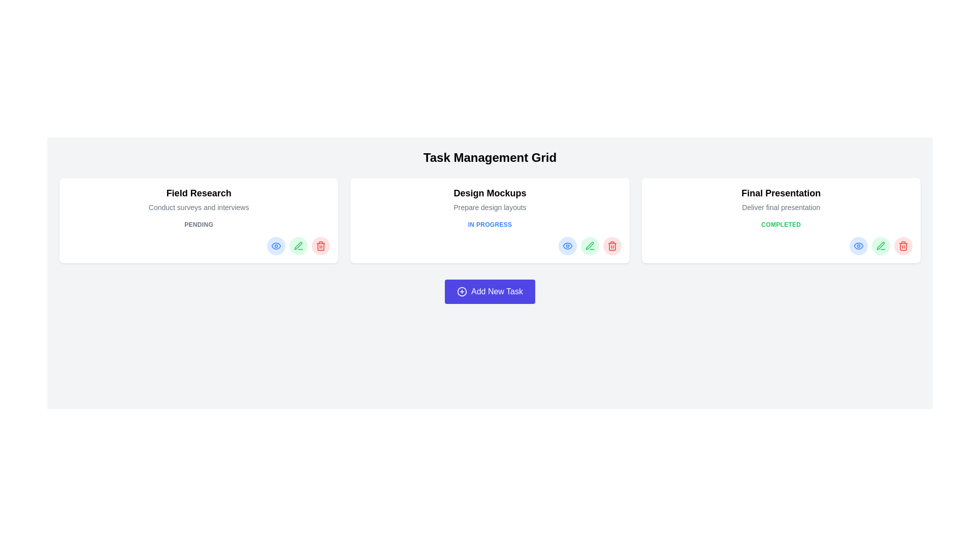 The height and width of the screenshot is (548, 975). What do you see at coordinates (880, 246) in the screenshot?
I see `the circular green button with a pen icon in the center to initiate editing, located at the bottom right of the 'Final Presentation' task card` at bounding box center [880, 246].